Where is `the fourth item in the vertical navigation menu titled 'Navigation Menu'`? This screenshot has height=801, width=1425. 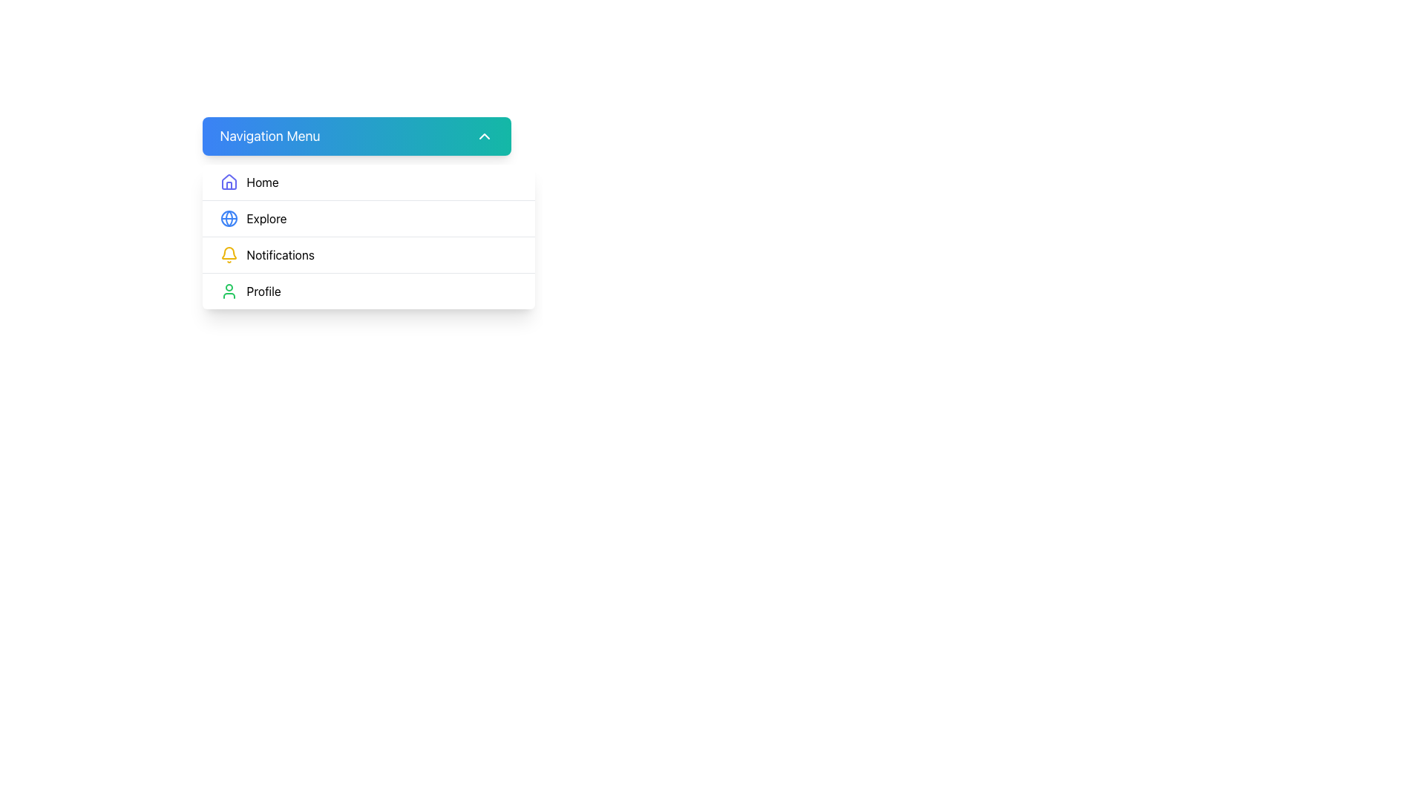 the fourth item in the vertical navigation menu titled 'Navigation Menu' is located at coordinates (368, 291).